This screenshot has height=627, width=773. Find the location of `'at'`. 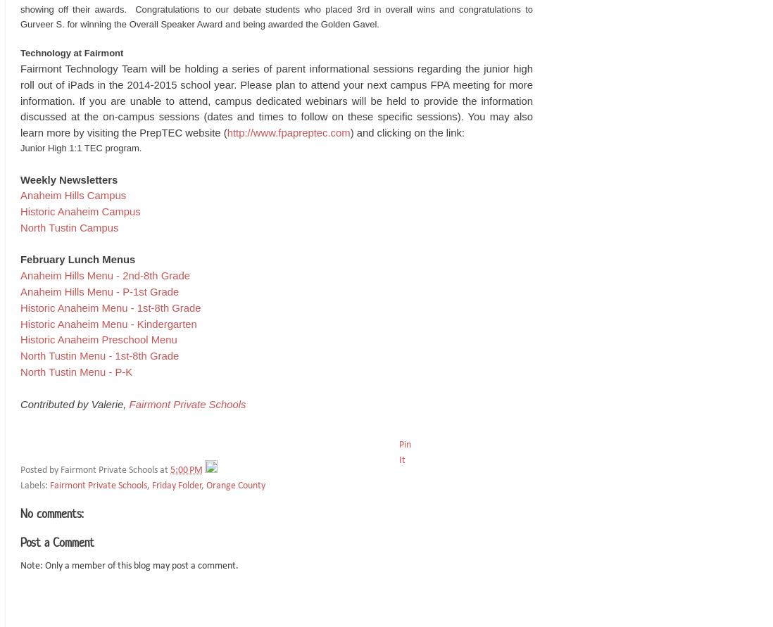

'at' is located at coordinates (164, 469).